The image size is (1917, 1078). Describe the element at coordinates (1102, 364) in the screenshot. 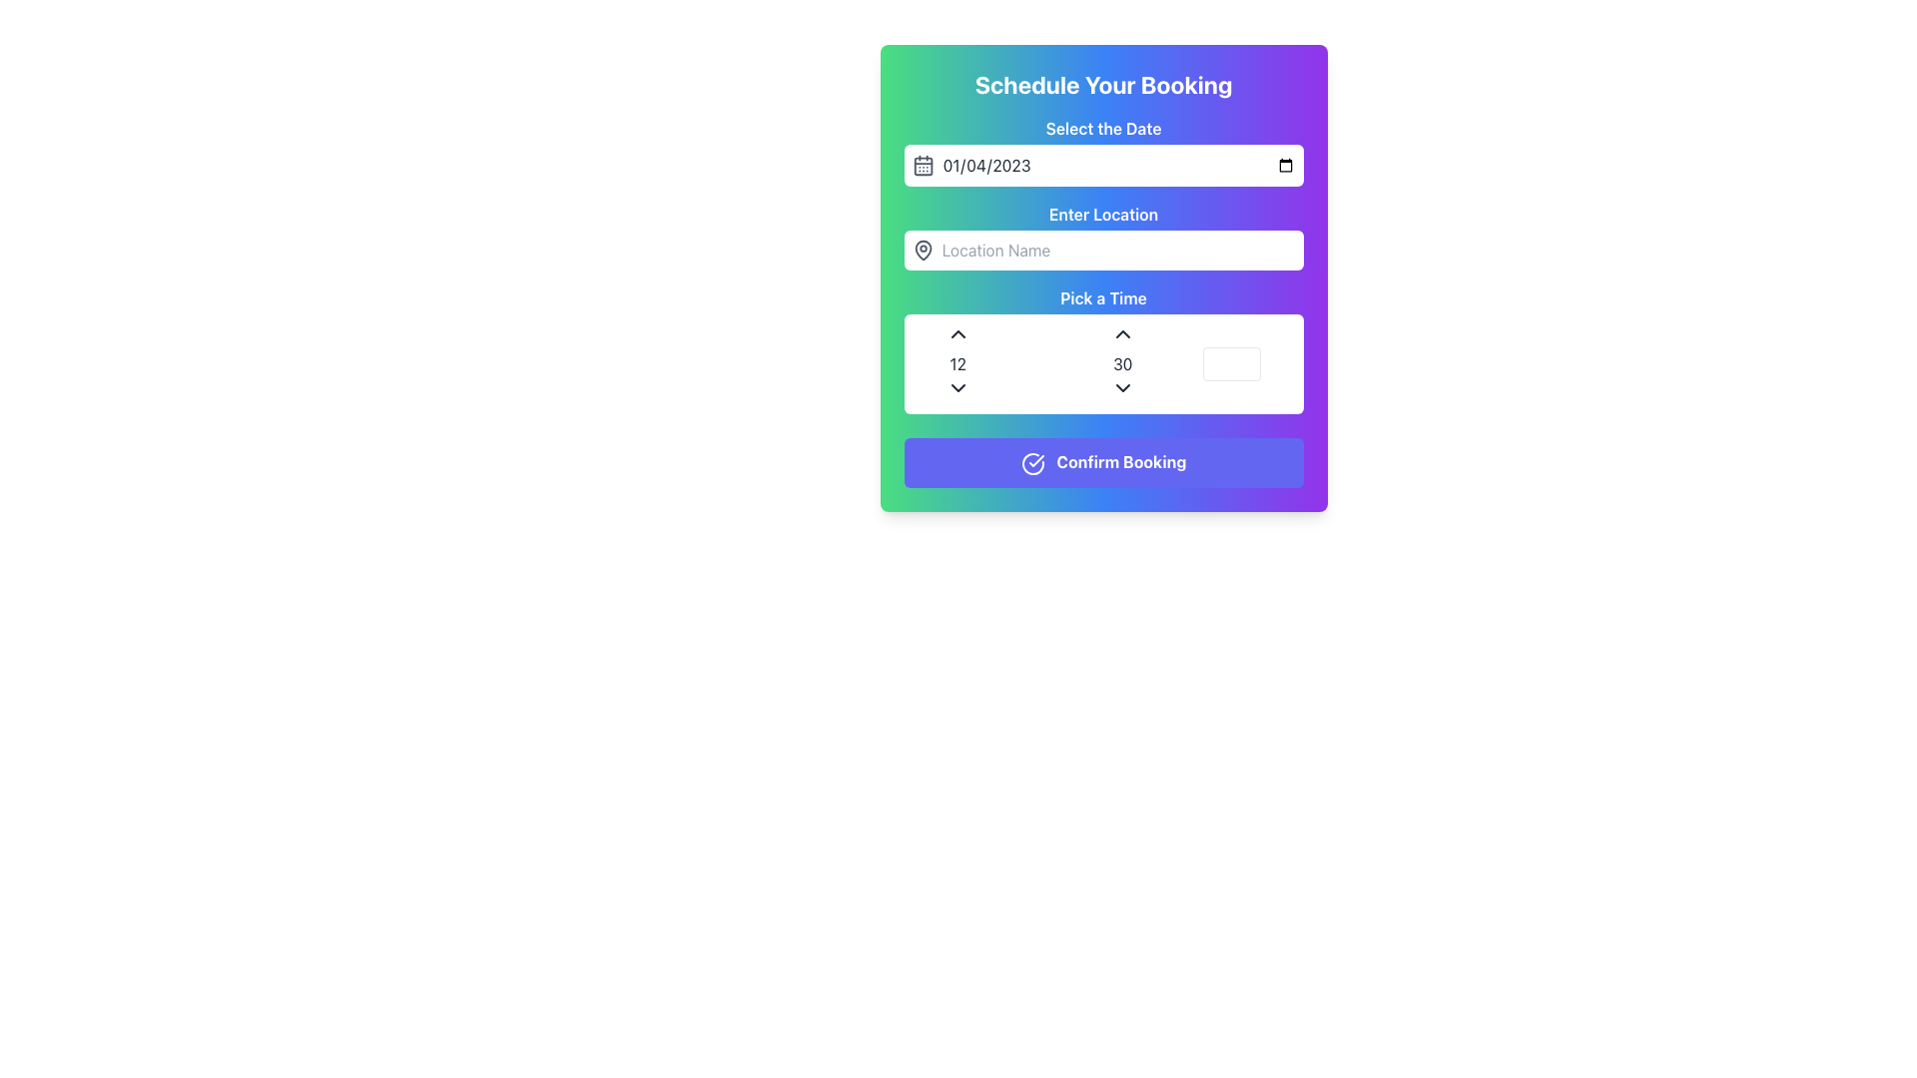

I see `the interactive time picker UI component located below the 'Pick a Time' text` at that location.